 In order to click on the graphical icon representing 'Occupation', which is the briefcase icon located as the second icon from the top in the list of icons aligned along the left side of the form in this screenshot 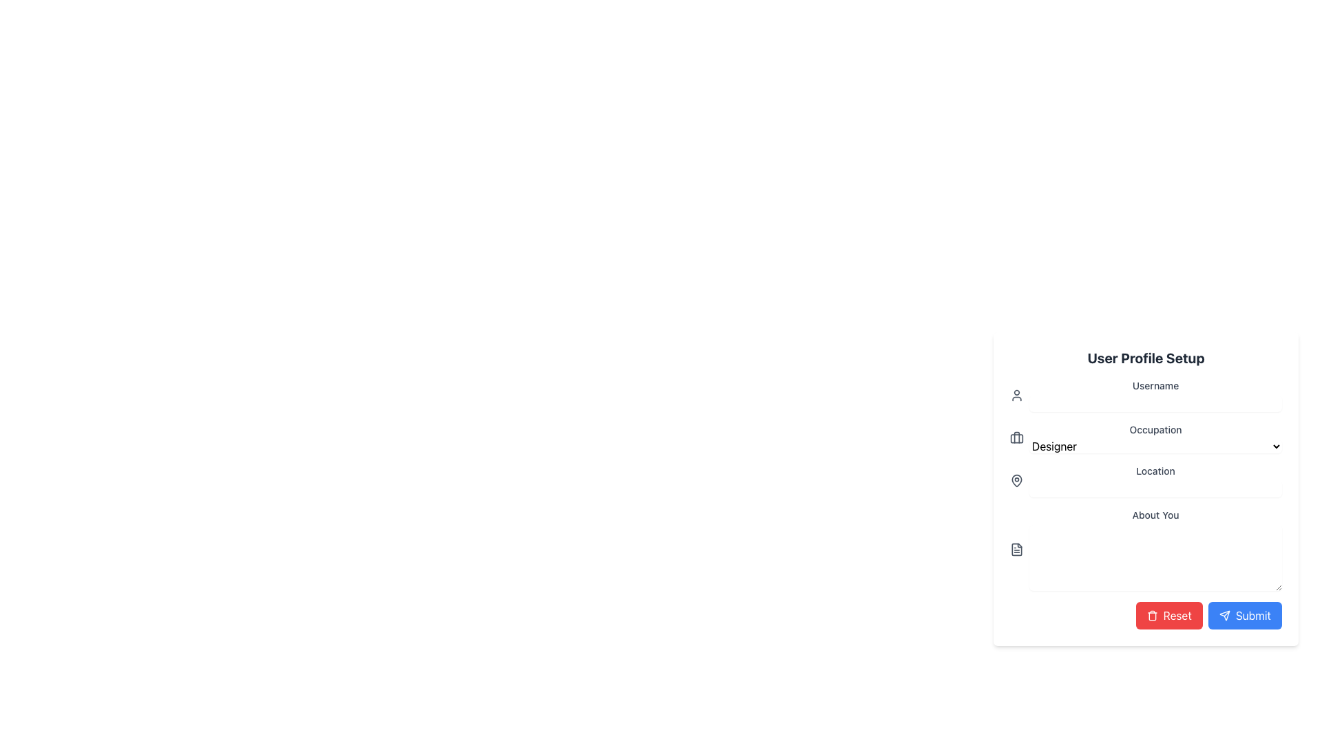, I will do `click(1017, 438)`.